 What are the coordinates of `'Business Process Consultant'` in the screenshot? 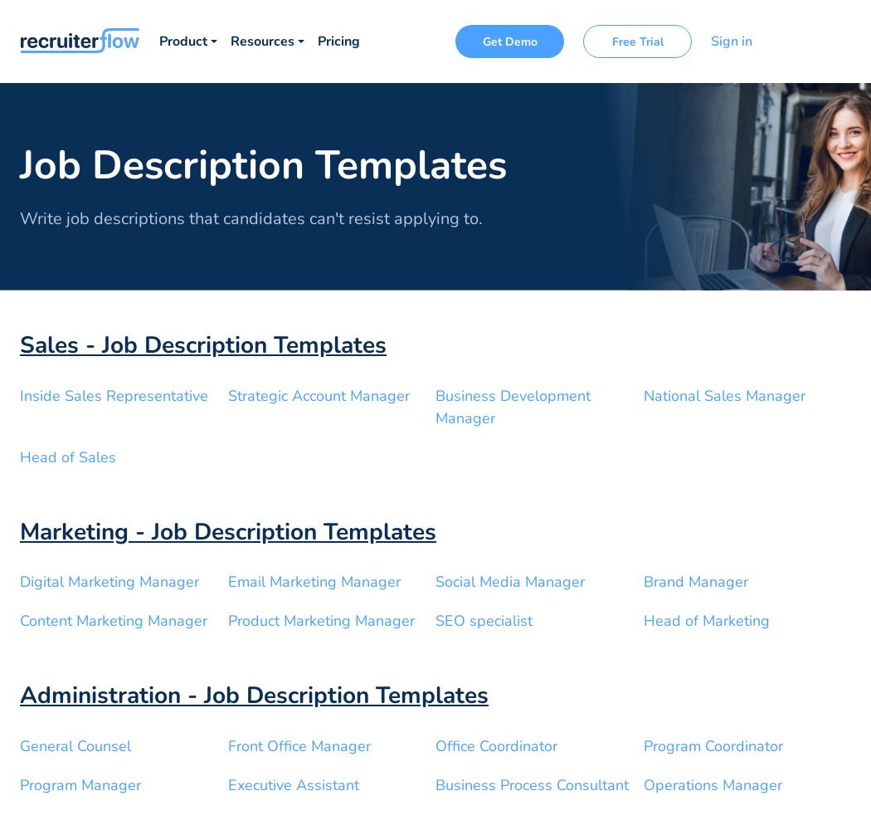 It's located at (531, 784).